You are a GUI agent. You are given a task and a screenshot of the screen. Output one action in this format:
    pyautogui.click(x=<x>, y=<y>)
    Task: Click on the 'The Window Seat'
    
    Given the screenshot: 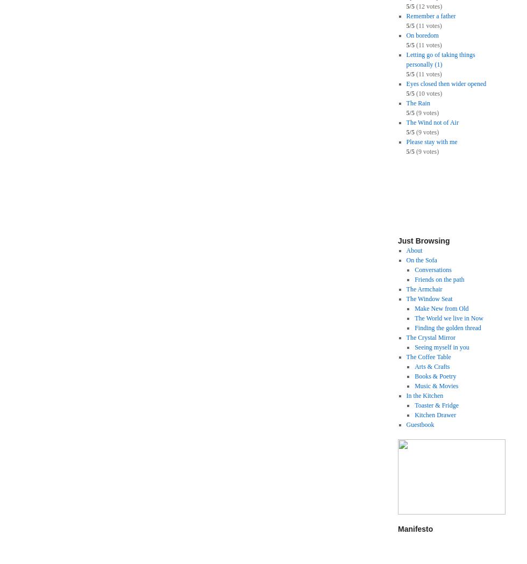 What is the action you would take?
    pyautogui.click(x=429, y=298)
    